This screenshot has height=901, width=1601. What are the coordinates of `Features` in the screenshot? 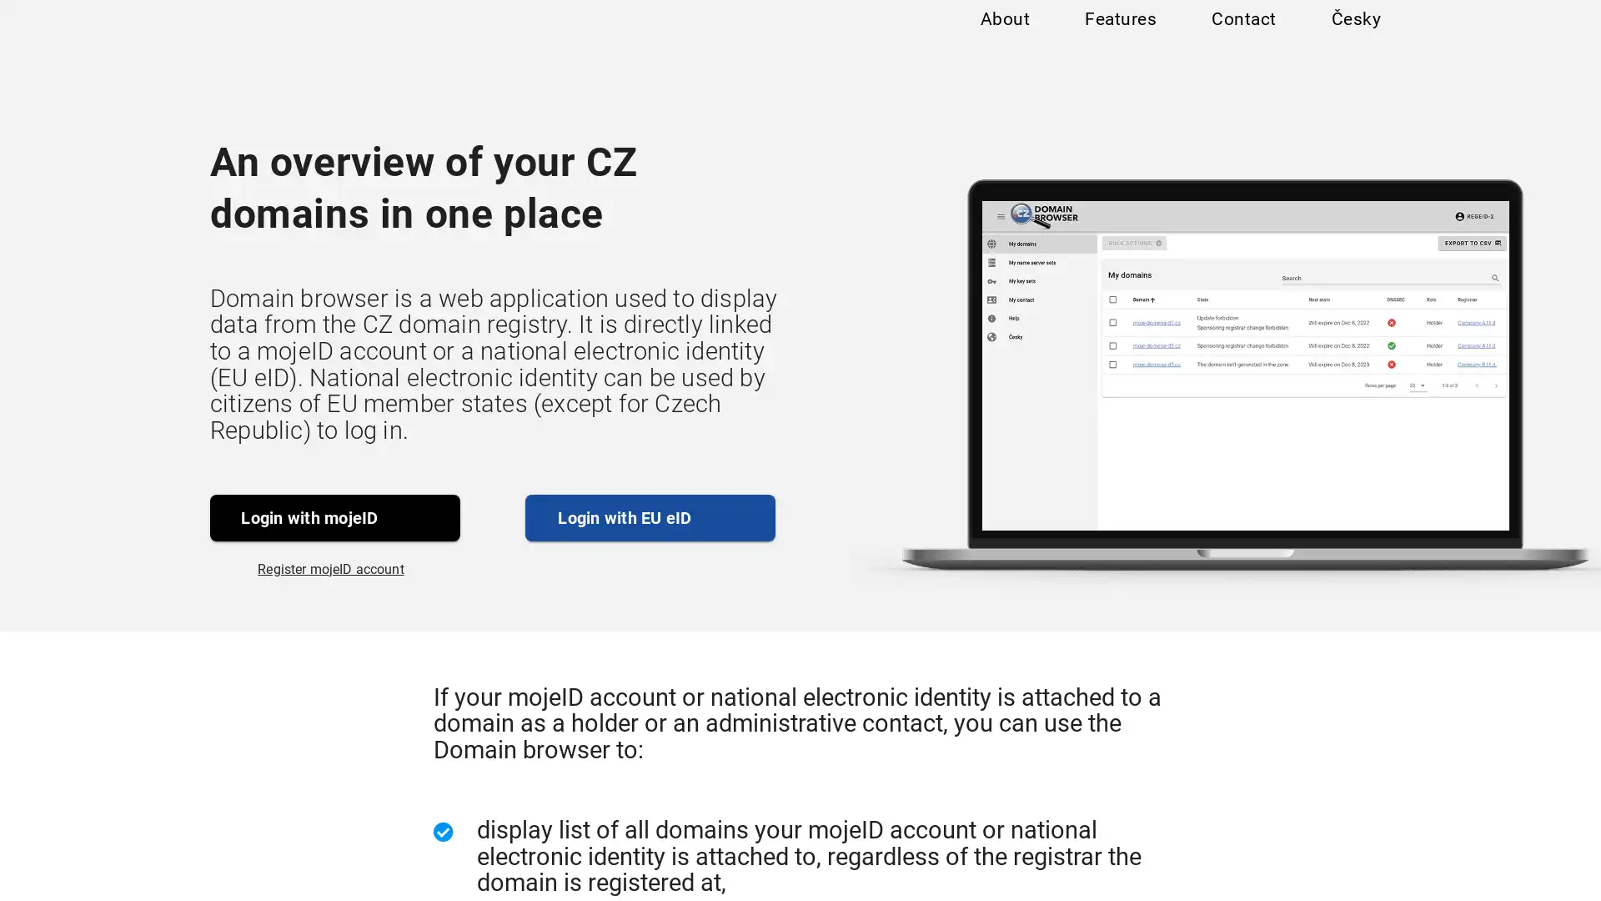 It's located at (1120, 35).